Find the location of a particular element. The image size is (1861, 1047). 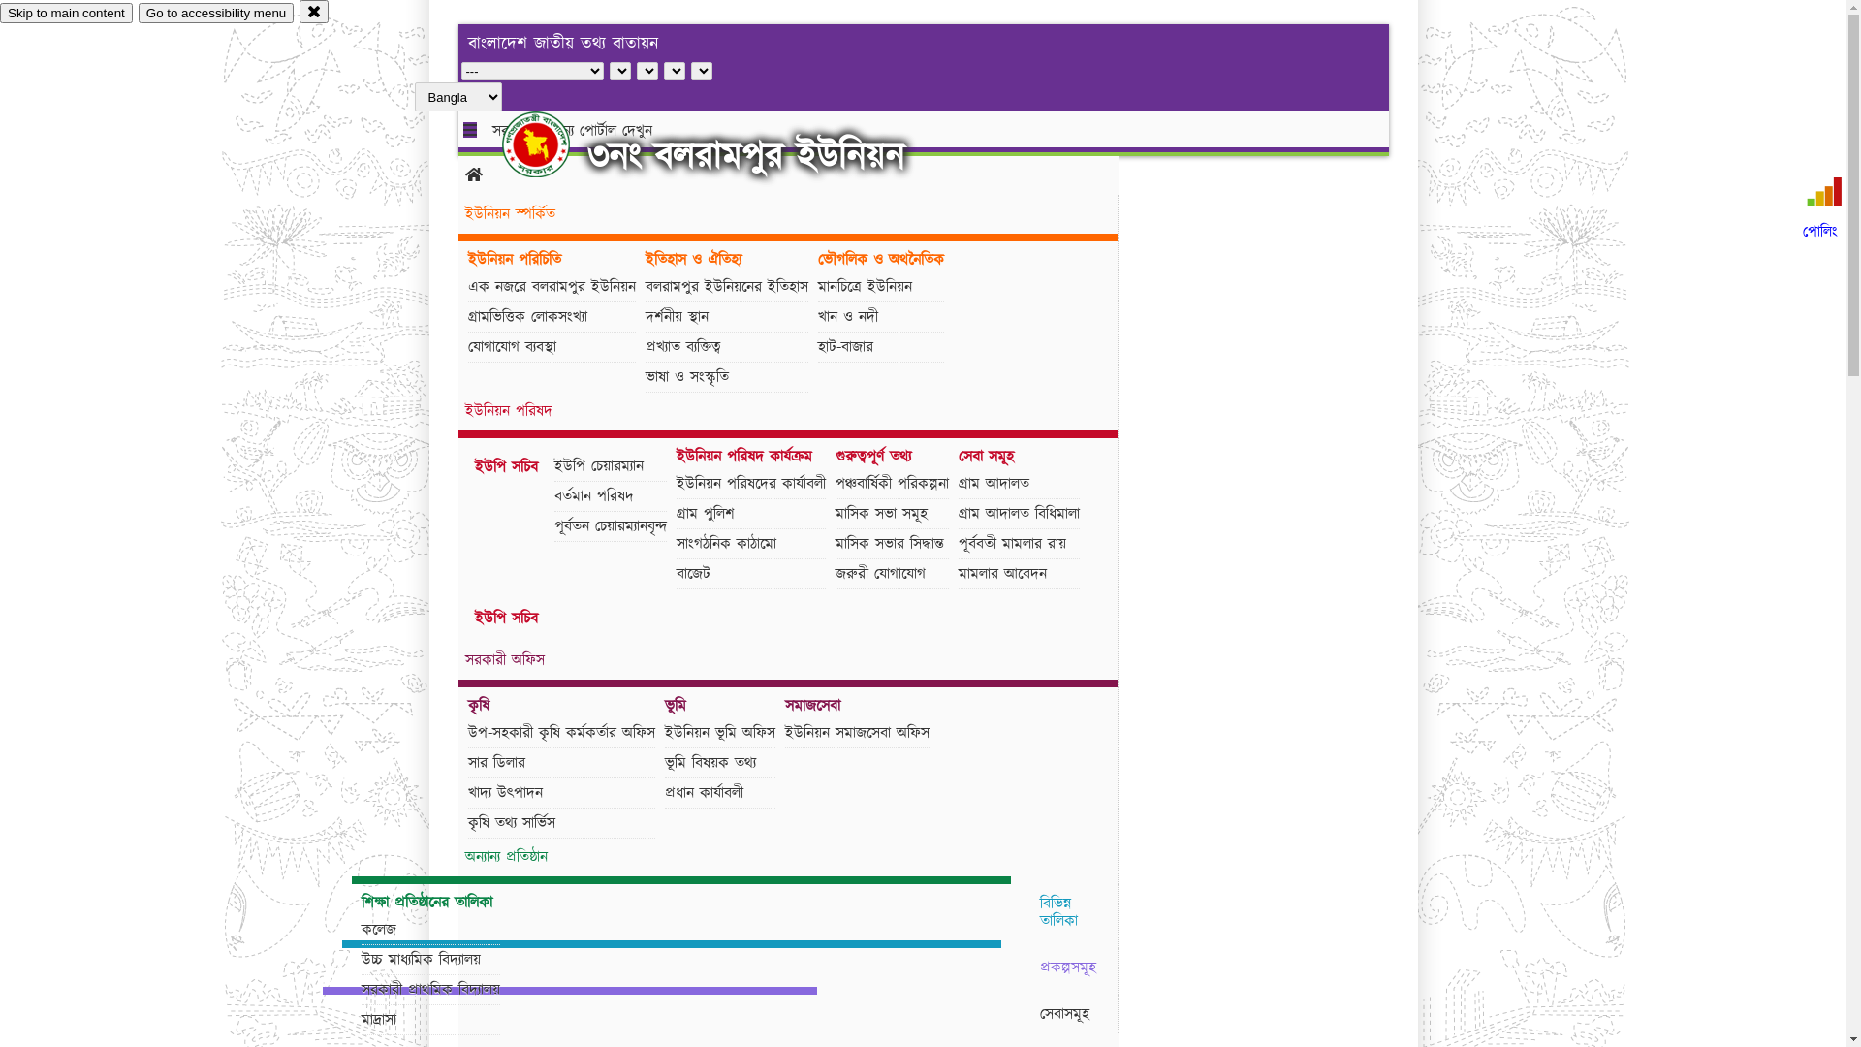

'close' is located at coordinates (314, 11).